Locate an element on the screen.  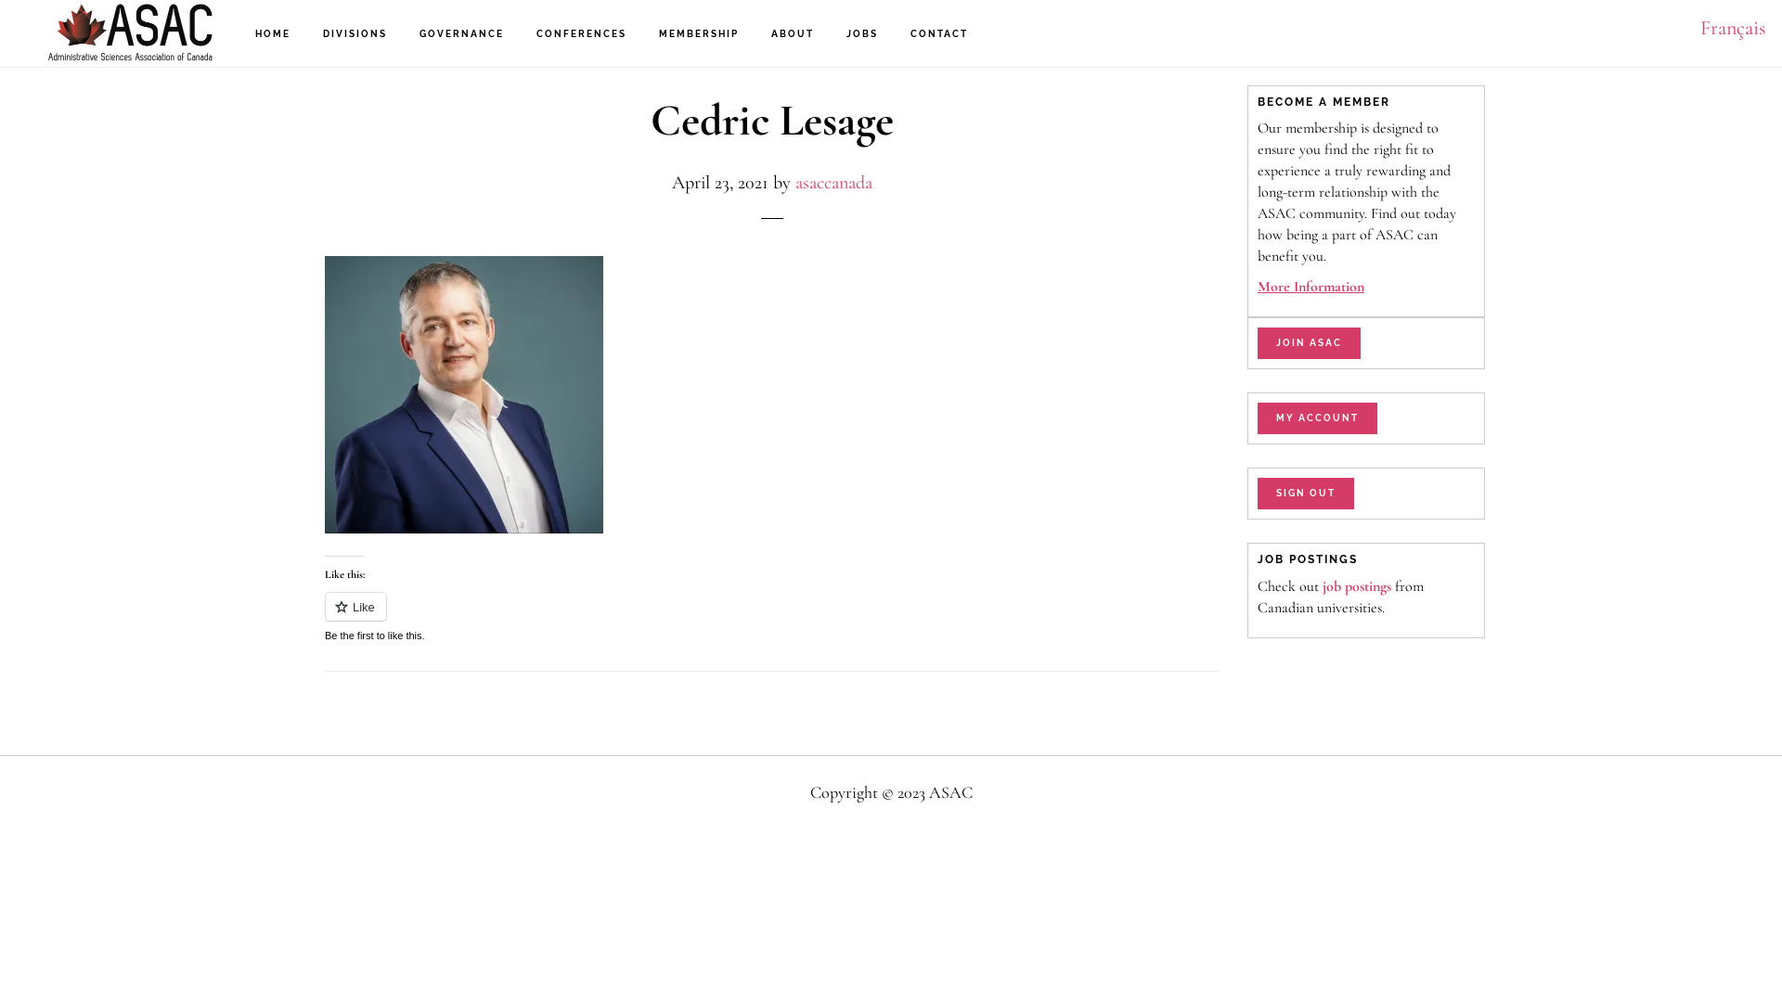
'CONTACT' is located at coordinates (939, 34).